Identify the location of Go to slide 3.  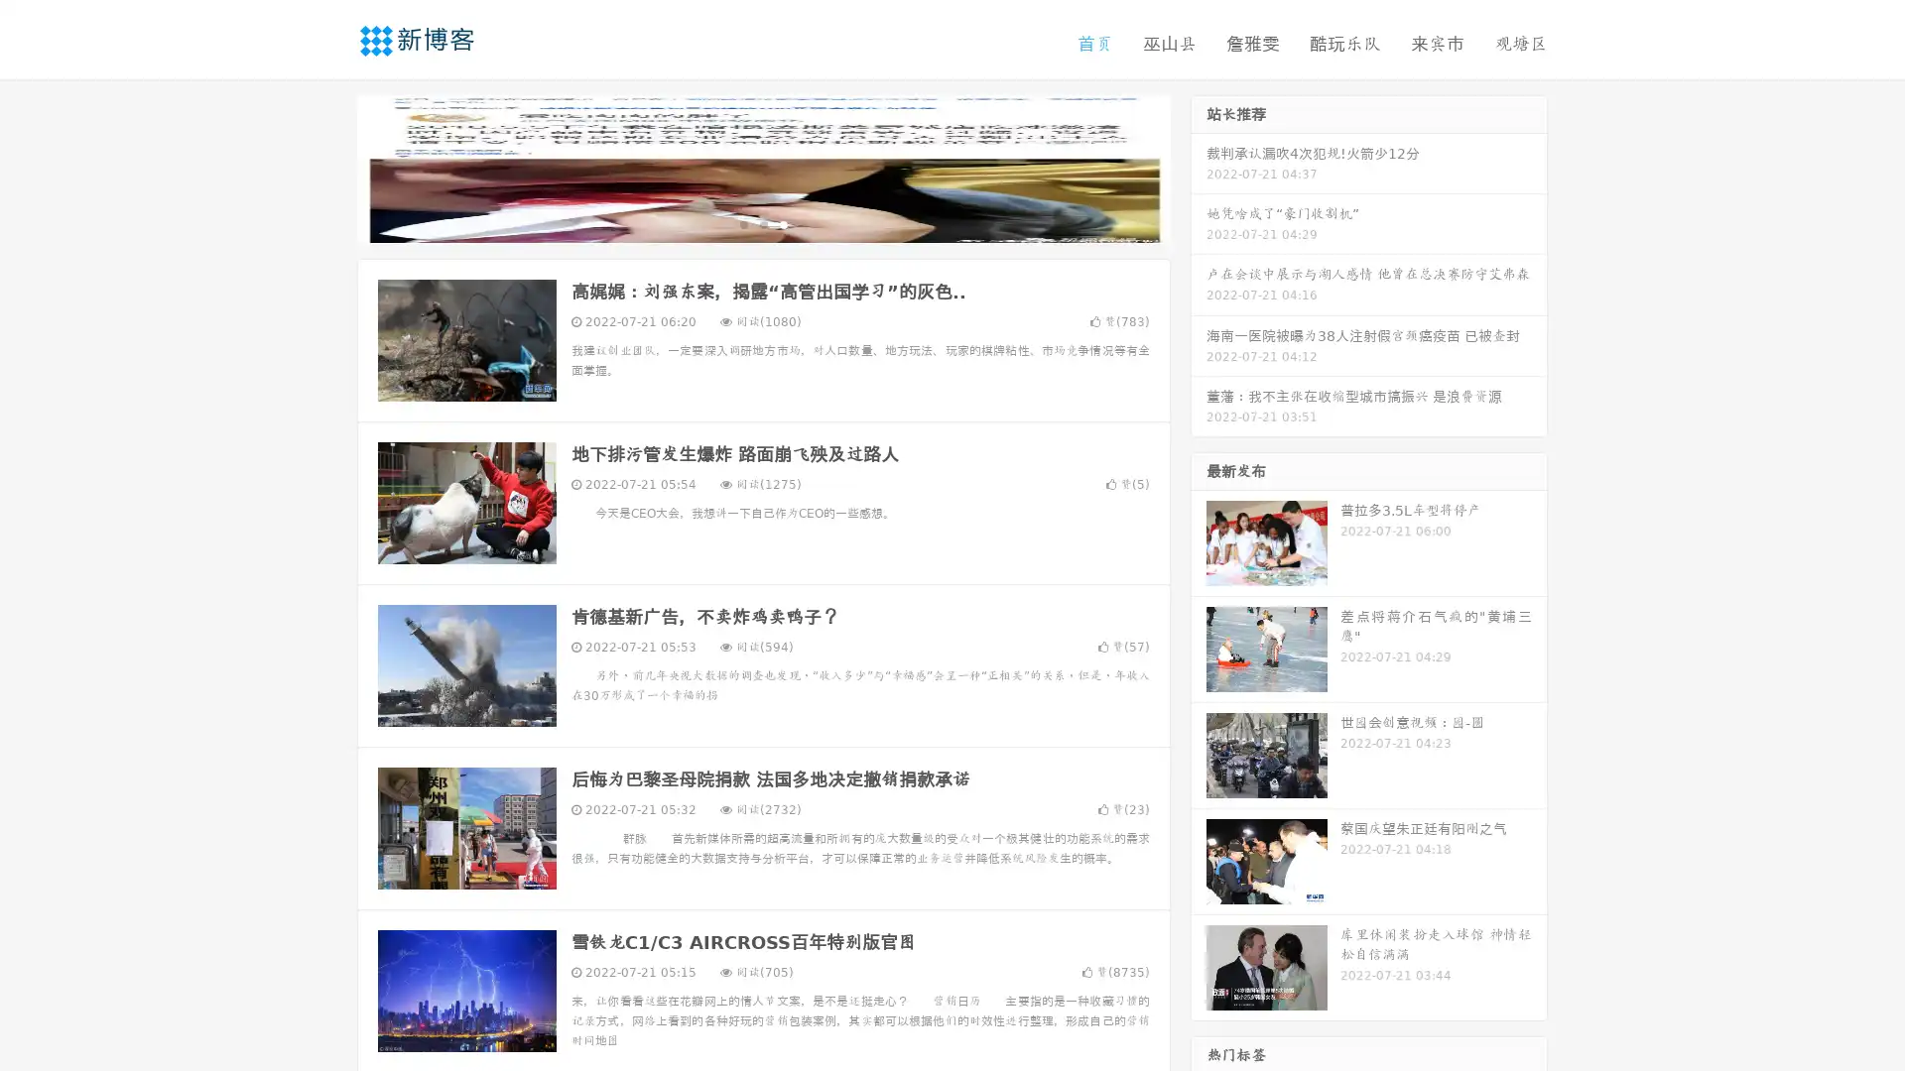
(783, 223).